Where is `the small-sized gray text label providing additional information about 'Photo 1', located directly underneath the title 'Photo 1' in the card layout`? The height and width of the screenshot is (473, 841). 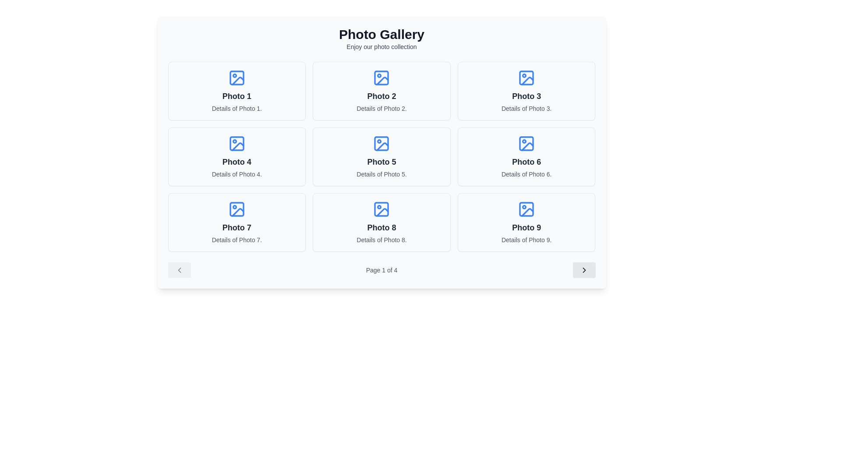
the small-sized gray text label providing additional information about 'Photo 1', located directly underneath the title 'Photo 1' in the card layout is located at coordinates (237, 108).